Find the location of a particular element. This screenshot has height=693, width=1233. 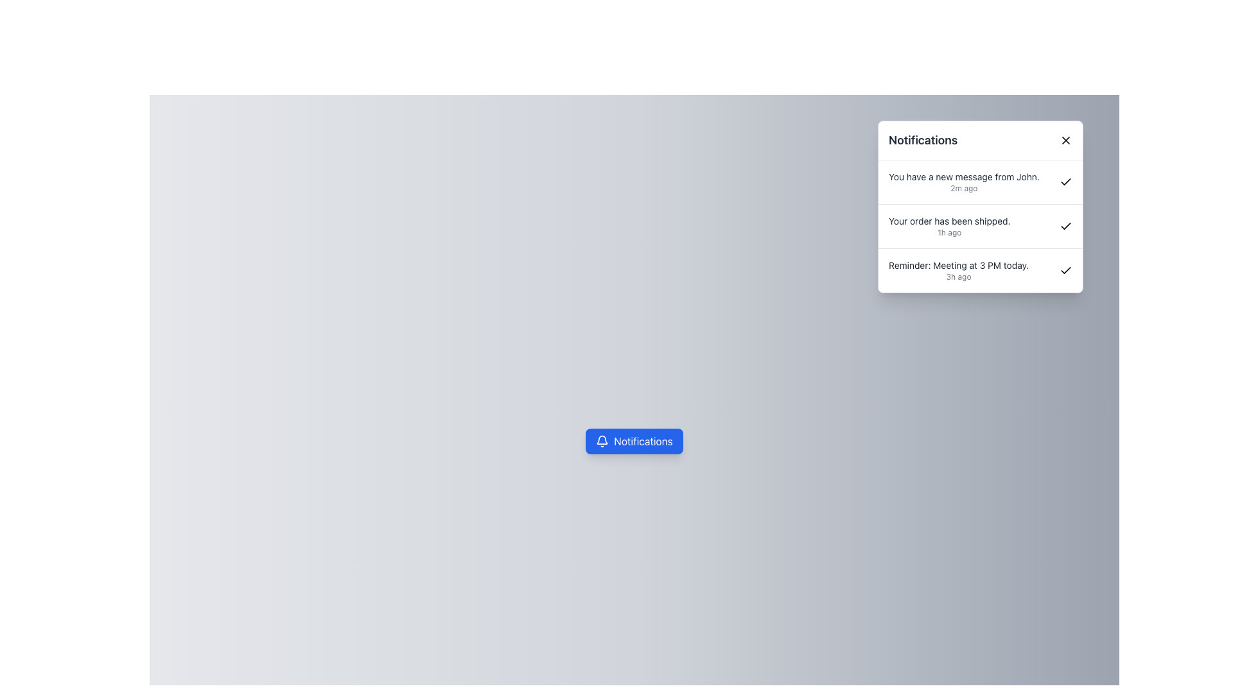

the third notification item in the expanded notifications dropdown panel is located at coordinates (958, 269).